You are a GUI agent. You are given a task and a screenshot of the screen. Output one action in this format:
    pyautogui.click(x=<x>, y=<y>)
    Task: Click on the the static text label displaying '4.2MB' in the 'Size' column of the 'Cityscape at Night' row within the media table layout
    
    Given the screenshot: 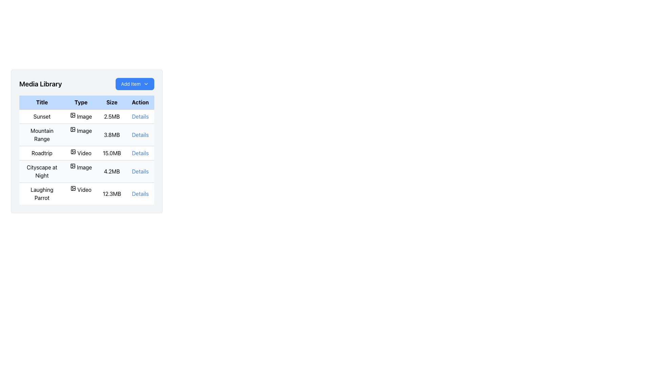 What is the action you would take?
    pyautogui.click(x=112, y=171)
    